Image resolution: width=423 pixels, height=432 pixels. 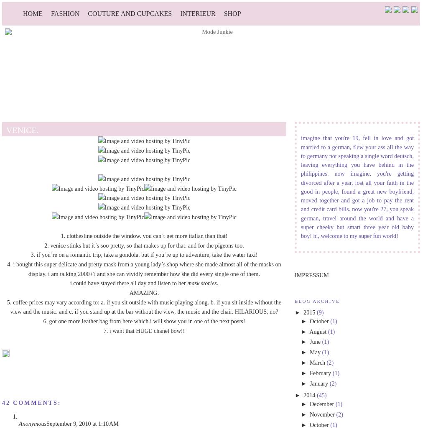 What do you see at coordinates (232, 13) in the screenshot?
I see `'Shop'` at bounding box center [232, 13].